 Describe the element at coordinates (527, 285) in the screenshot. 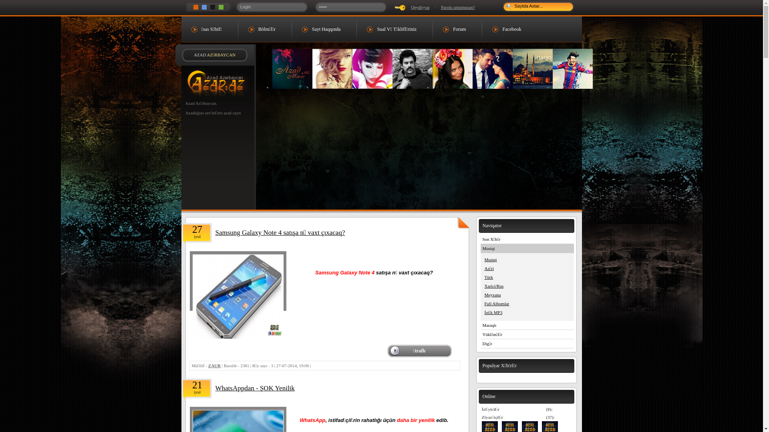

I see `'Xarici/Rus'` at that location.